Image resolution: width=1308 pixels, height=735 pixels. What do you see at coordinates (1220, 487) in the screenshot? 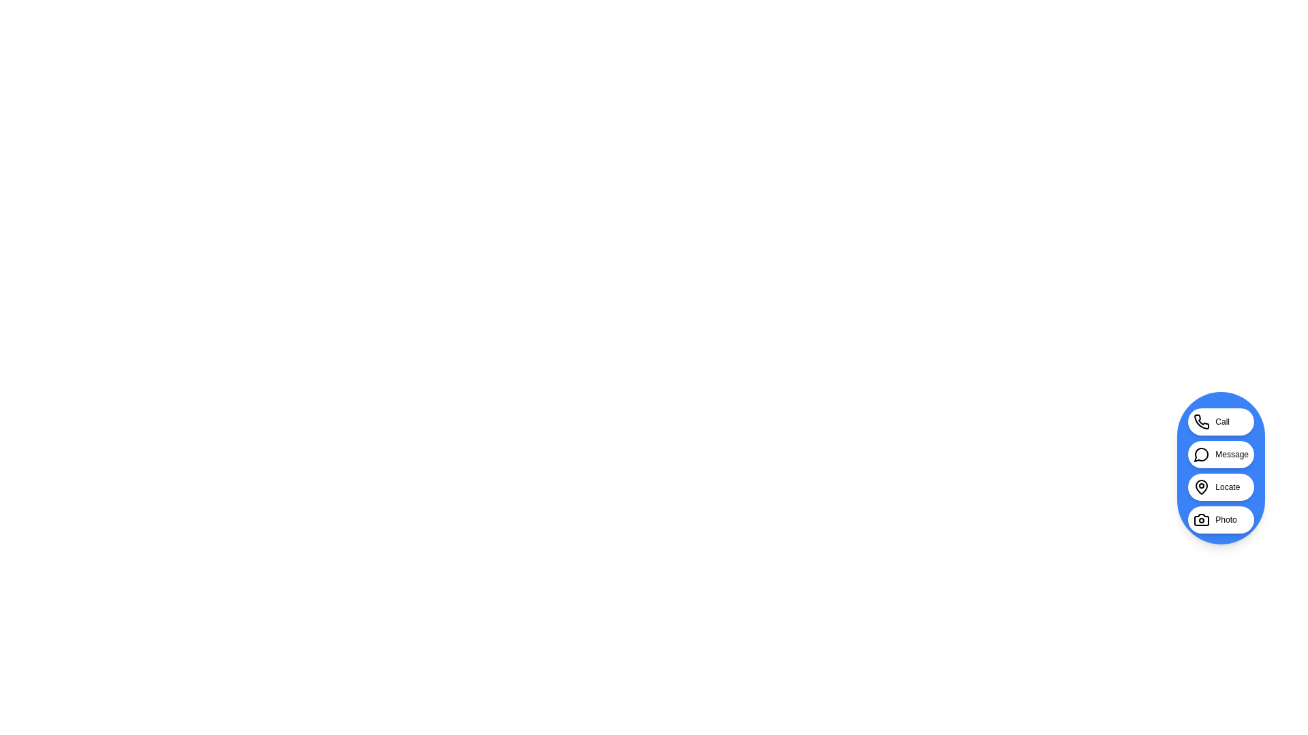
I see `the 'Locate' button in the speed dial` at bounding box center [1220, 487].